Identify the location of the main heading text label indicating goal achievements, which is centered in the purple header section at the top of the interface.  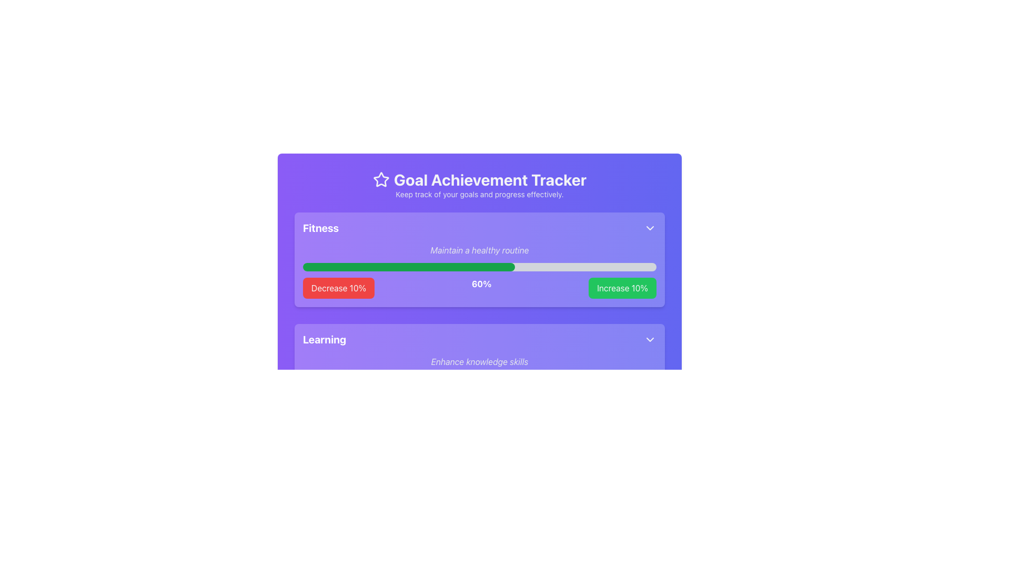
(479, 179).